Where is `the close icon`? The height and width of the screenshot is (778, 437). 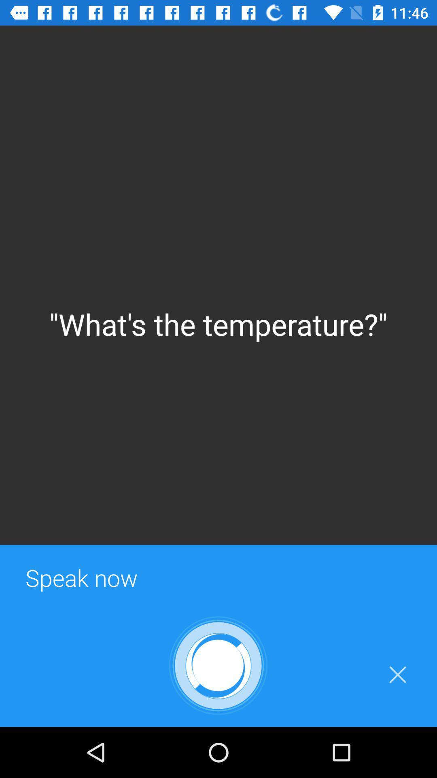 the close icon is located at coordinates (397, 675).